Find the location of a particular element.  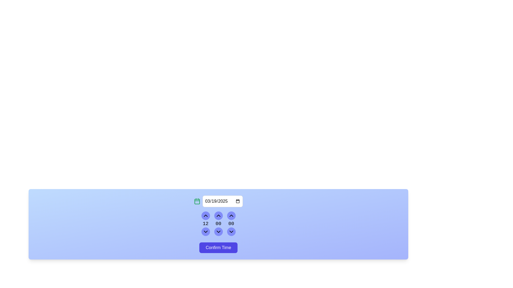

the decrement seconds icon located in the bottom row, middle column of the time selection interface to decrease the seconds value is located at coordinates (231, 231).